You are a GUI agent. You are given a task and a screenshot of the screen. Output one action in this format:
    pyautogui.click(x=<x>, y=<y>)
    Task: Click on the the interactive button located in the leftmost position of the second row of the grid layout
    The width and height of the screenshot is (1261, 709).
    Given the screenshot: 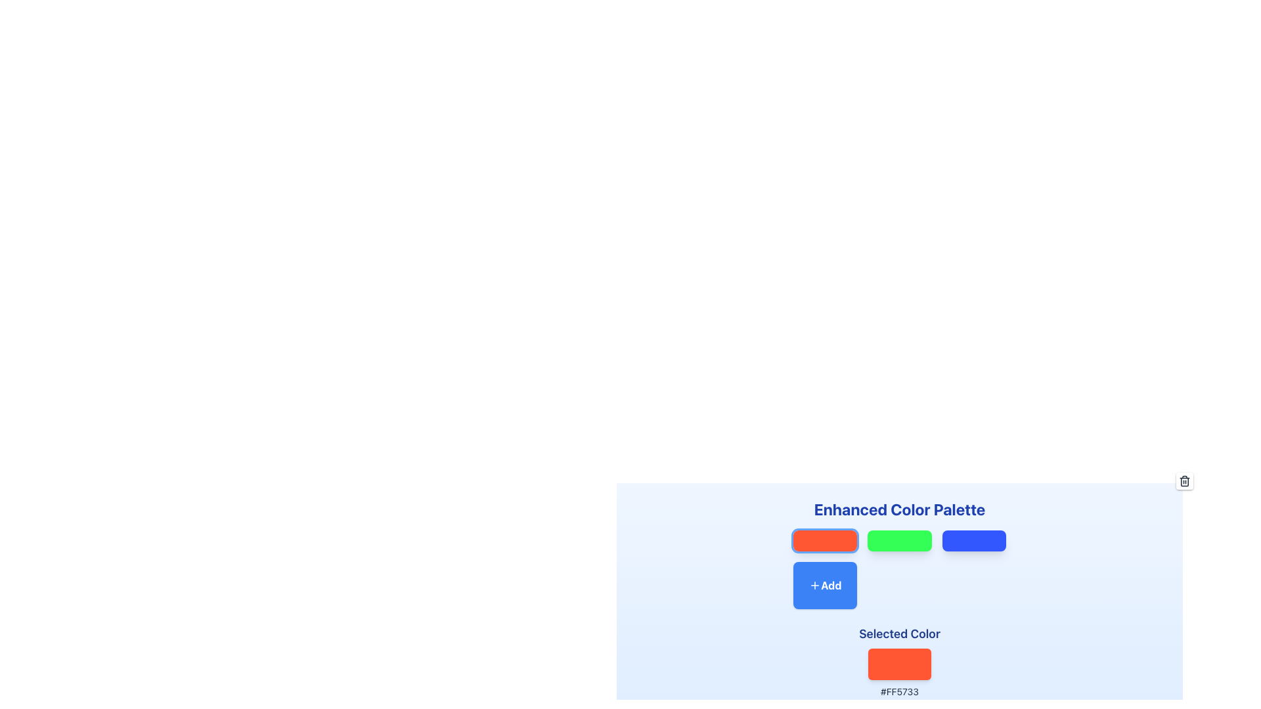 What is the action you would take?
    pyautogui.click(x=824, y=584)
    